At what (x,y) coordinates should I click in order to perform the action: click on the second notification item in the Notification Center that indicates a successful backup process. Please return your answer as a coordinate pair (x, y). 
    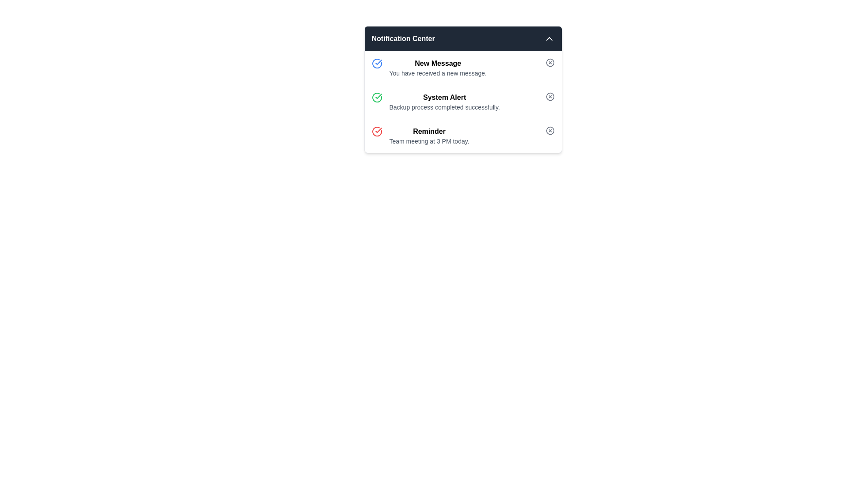
    Looking at the image, I should click on (462, 102).